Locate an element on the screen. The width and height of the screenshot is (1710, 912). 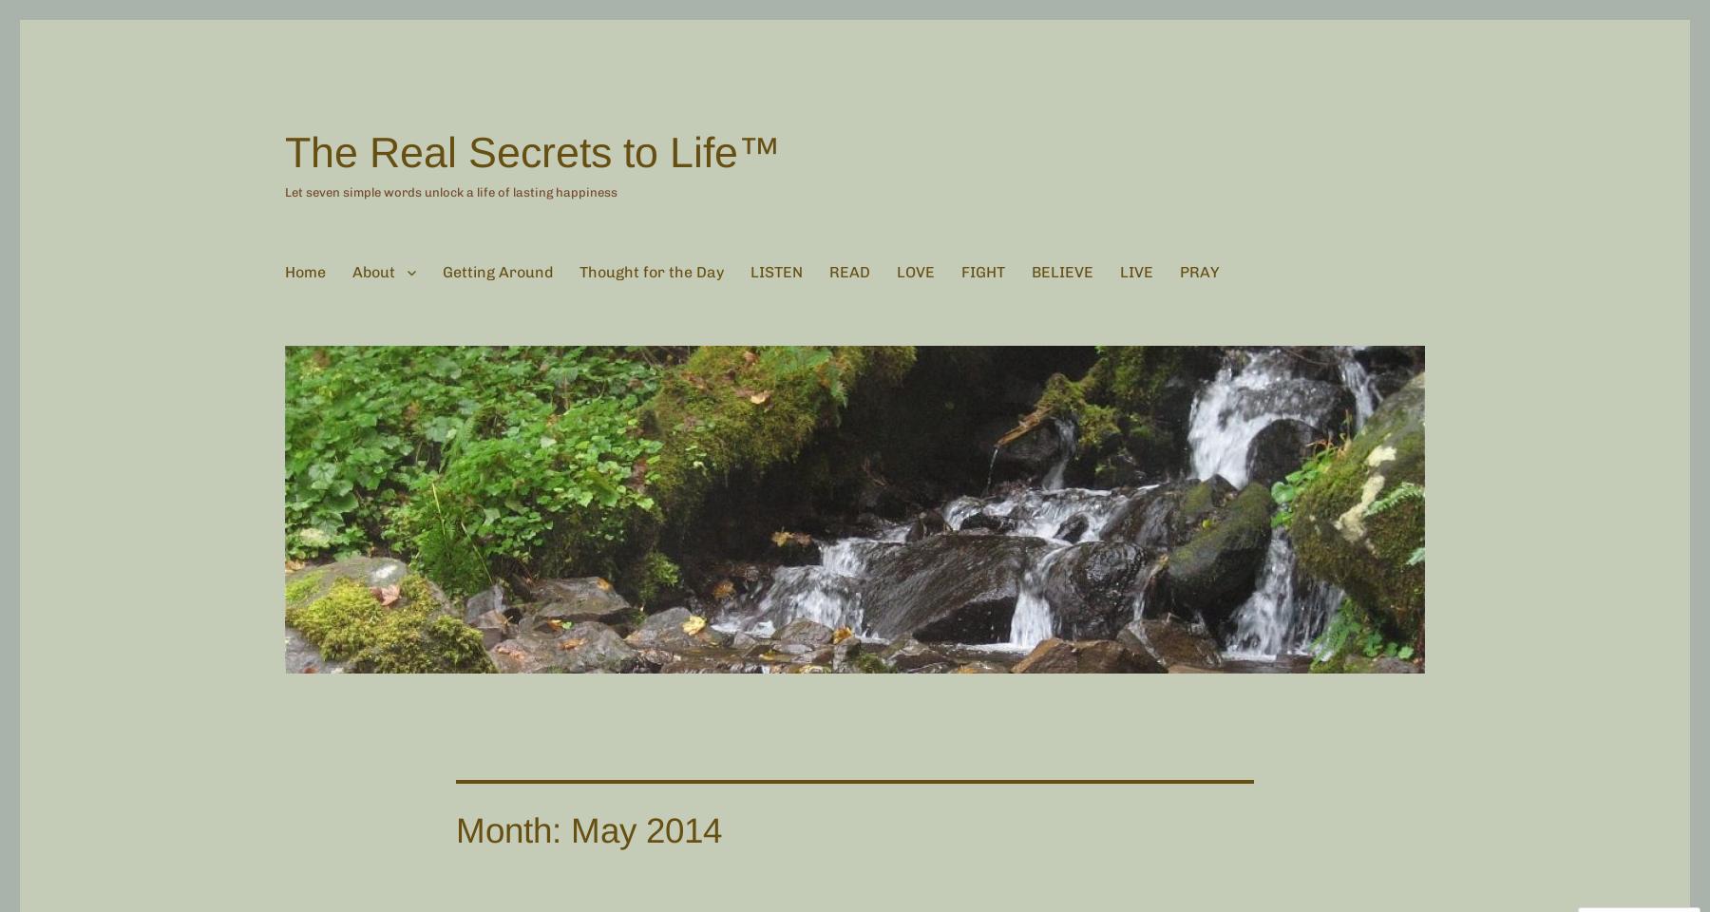
'PRAY' is located at coordinates (1200, 271).